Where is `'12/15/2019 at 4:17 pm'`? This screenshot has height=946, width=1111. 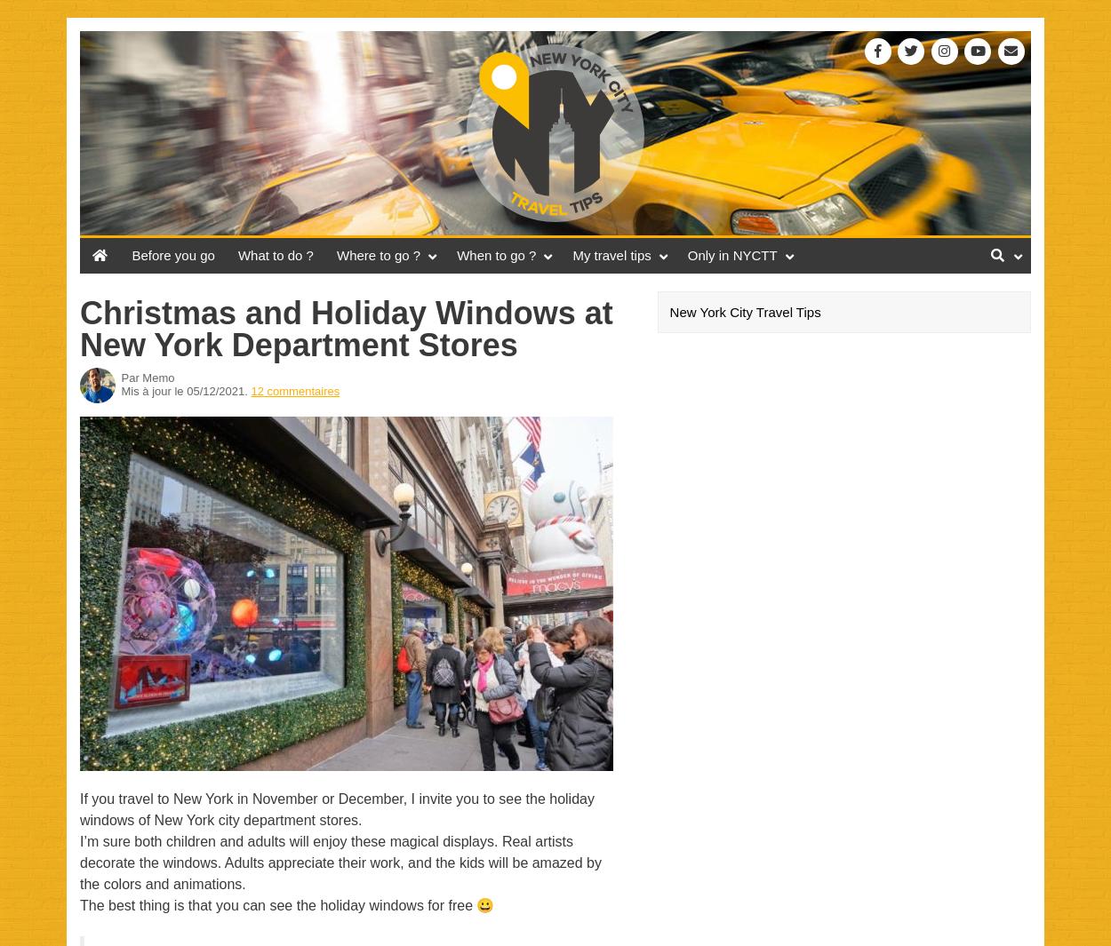
'12/15/2019 at 4:17 pm' is located at coordinates (212, 441).